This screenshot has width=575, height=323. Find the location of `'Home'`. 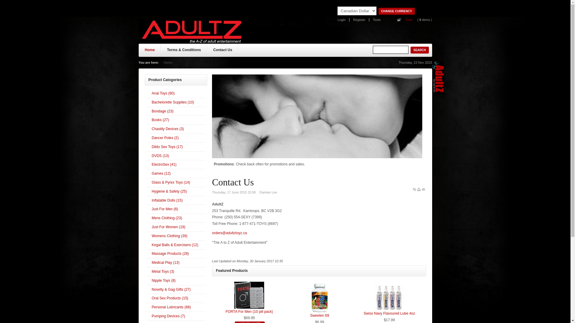

'Home' is located at coordinates (150, 51).